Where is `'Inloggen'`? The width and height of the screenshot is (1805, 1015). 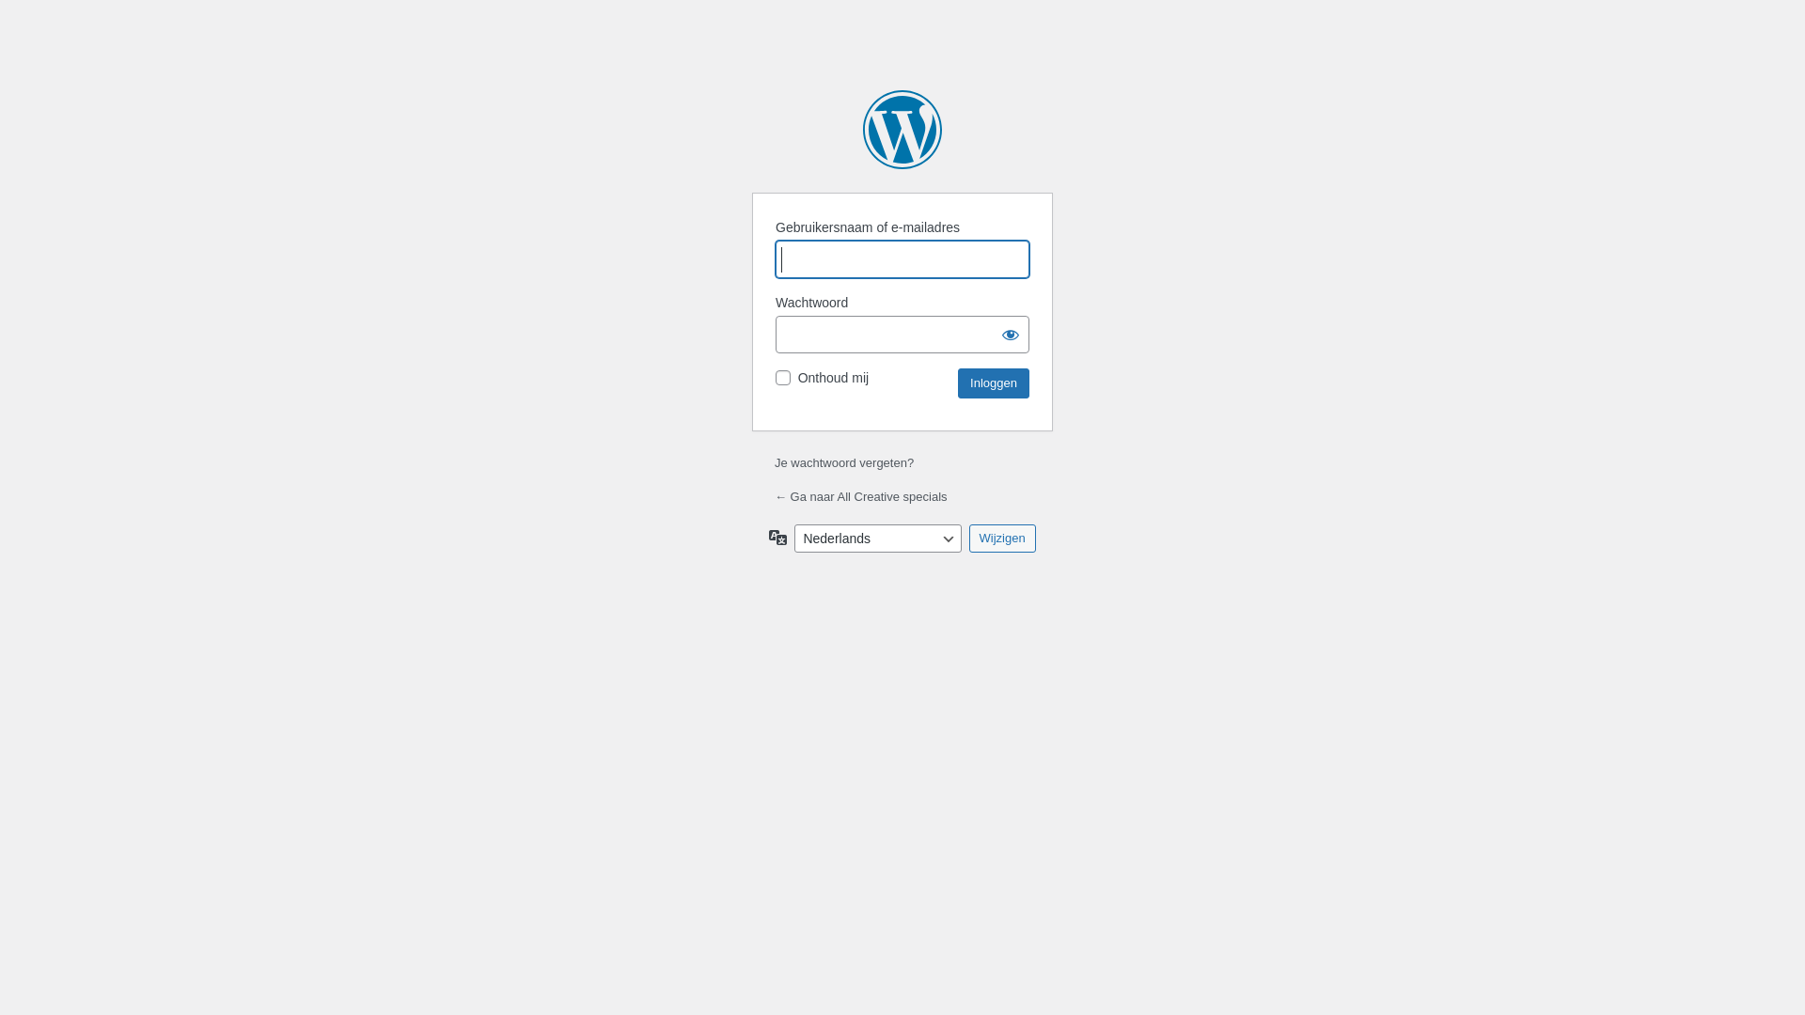 'Inloggen' is located at coordinates (957, 383).